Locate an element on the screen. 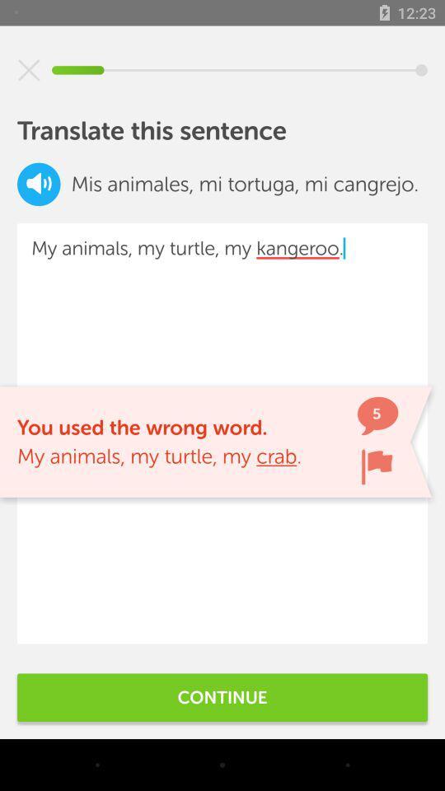 The width and height of the screenshot is (445, 791). the volume icon is located at coordinates (39, 184).